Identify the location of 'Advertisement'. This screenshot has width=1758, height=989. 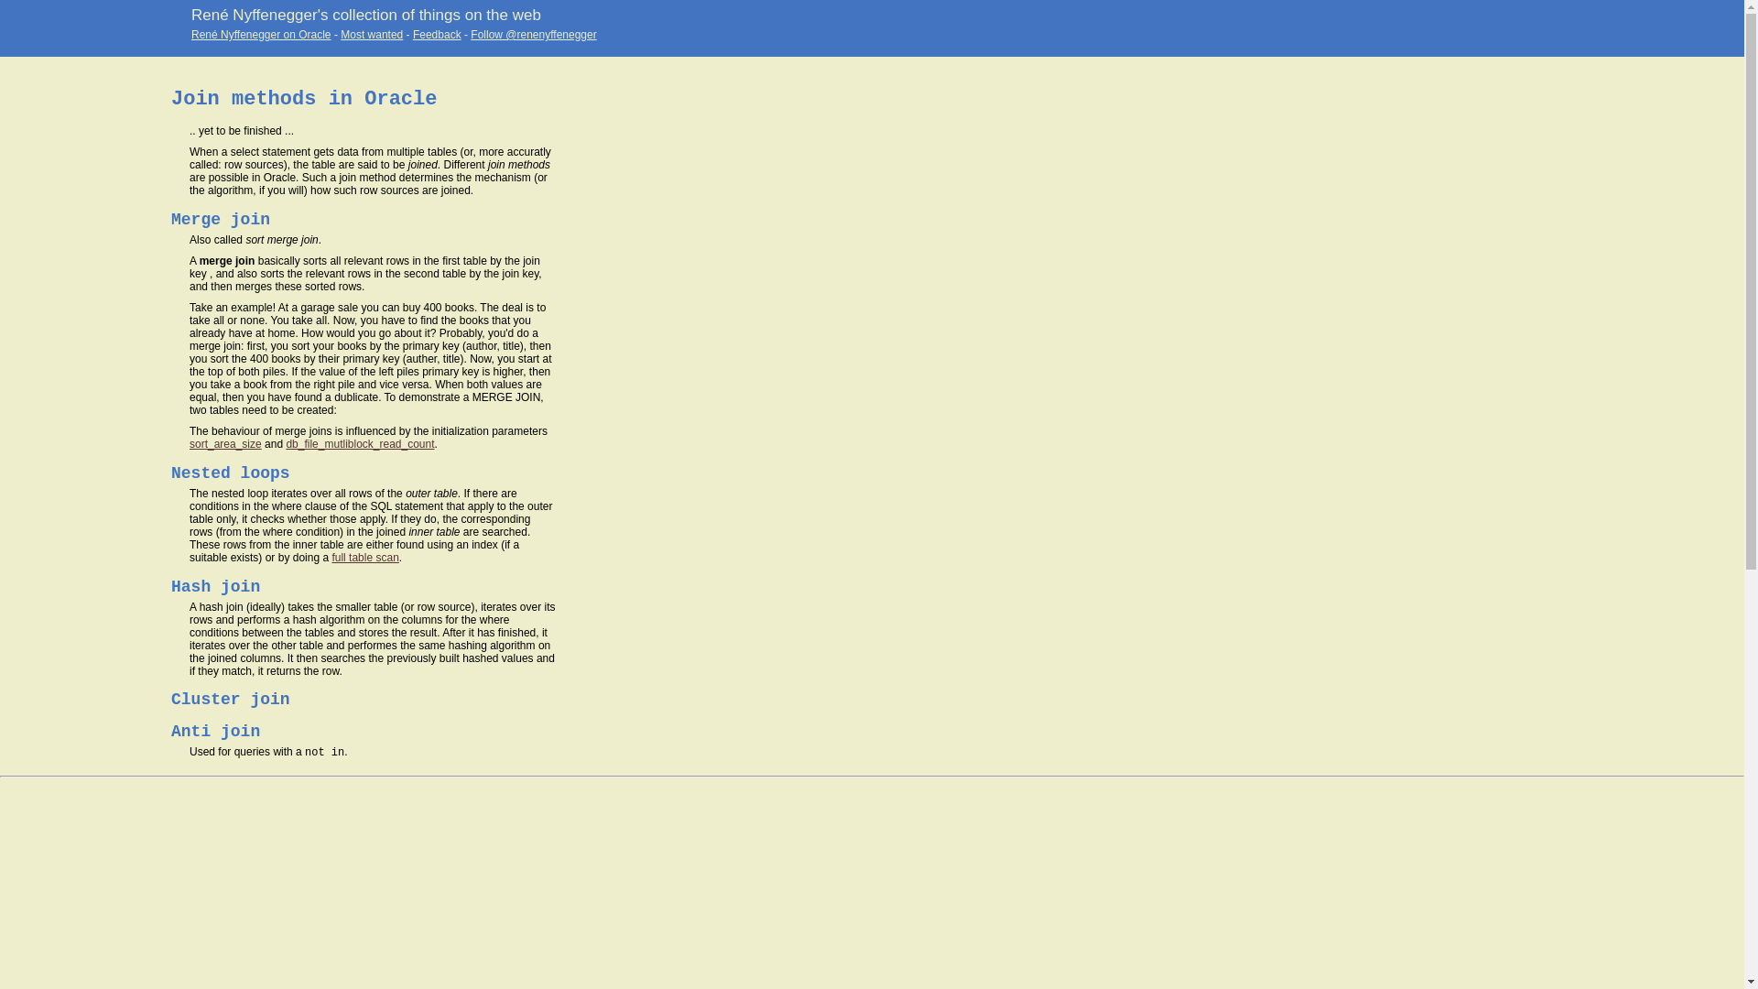
(0, 397).